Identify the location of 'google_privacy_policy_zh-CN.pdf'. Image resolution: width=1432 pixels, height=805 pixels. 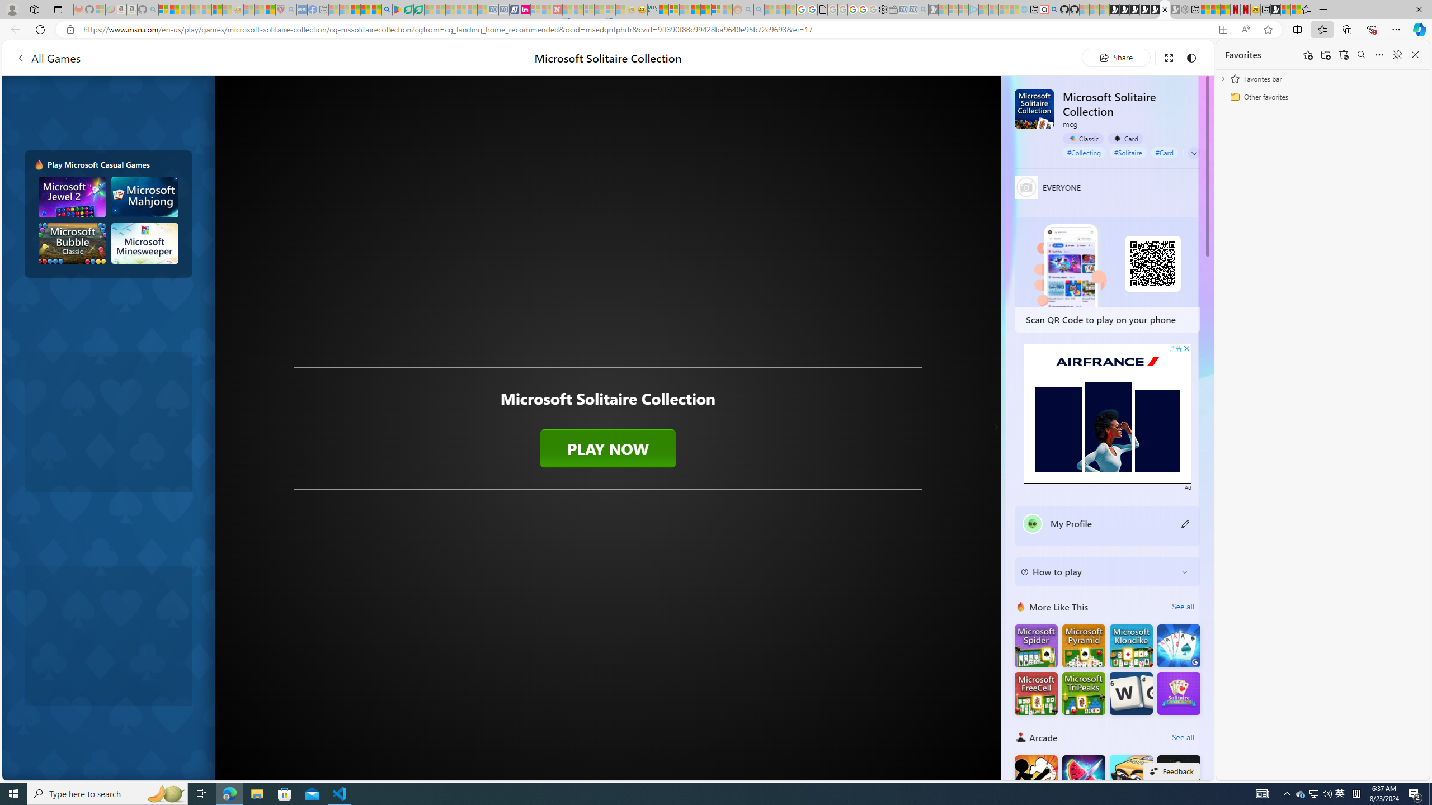
(822, 9).